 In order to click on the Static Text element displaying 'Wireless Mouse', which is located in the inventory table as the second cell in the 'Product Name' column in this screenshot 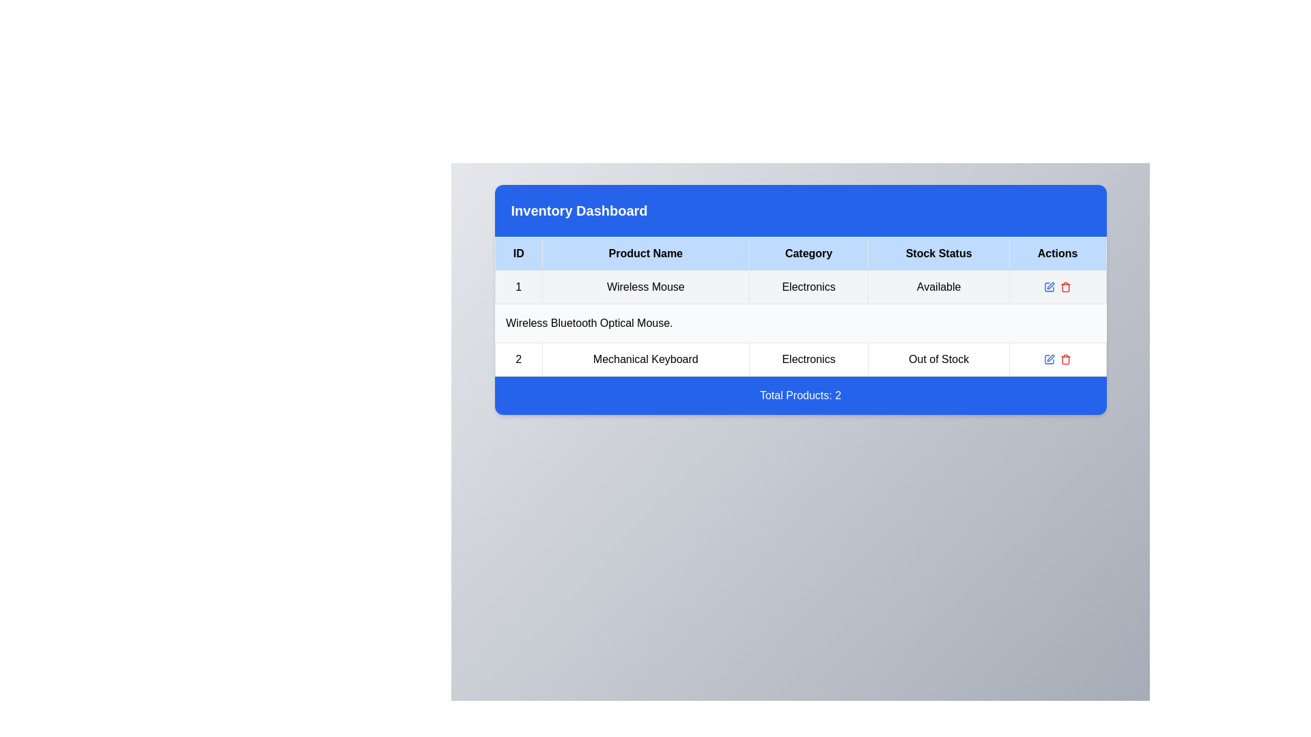, I will do `click(645, 286)`.